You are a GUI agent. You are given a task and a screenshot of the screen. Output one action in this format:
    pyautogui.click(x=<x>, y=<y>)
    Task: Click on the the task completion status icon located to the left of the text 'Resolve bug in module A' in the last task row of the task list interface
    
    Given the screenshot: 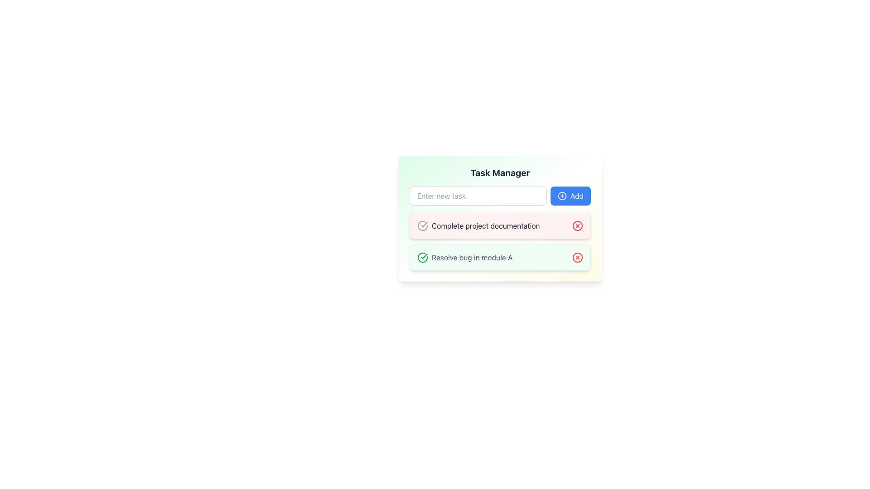 What is the action you would take?
    pyautogui.click(x=422, y=258)
    